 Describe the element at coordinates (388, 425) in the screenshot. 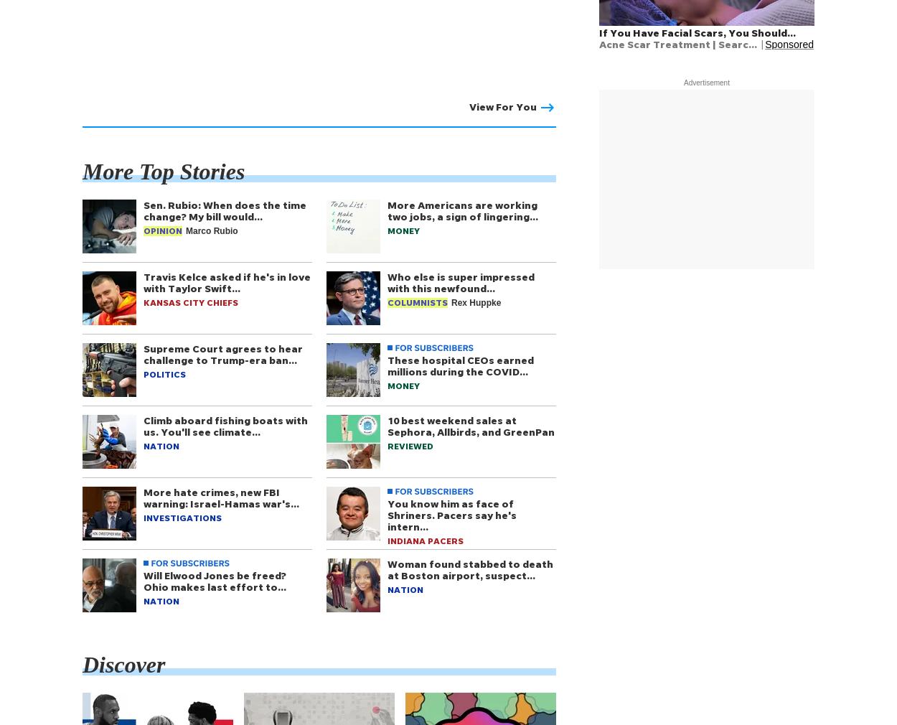

I see `'10 best weekend sales at Sephora, Allbirds, and GreenPan'` at that location.